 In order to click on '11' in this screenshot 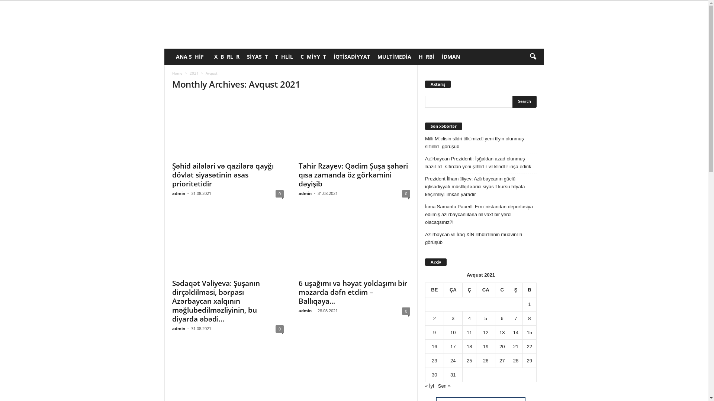, I will do `click(466, 332)`.